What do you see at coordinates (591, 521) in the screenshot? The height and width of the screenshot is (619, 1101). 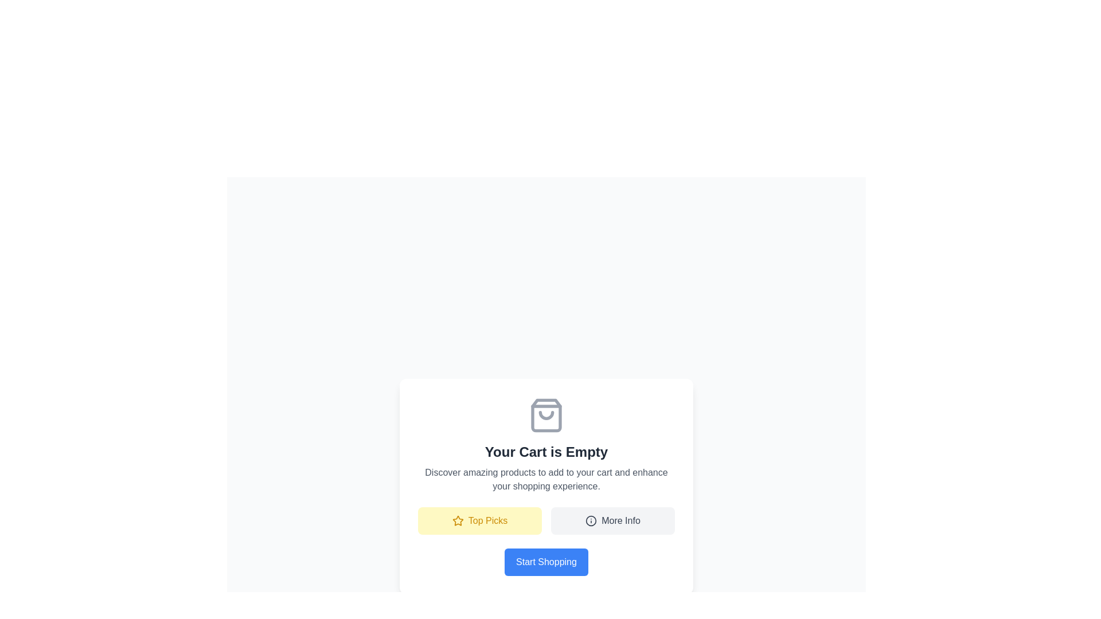 I see `the circular graphic within the information icon located to the right of the 'Your Cart is Empty' message` at bounding box center [591, 521].